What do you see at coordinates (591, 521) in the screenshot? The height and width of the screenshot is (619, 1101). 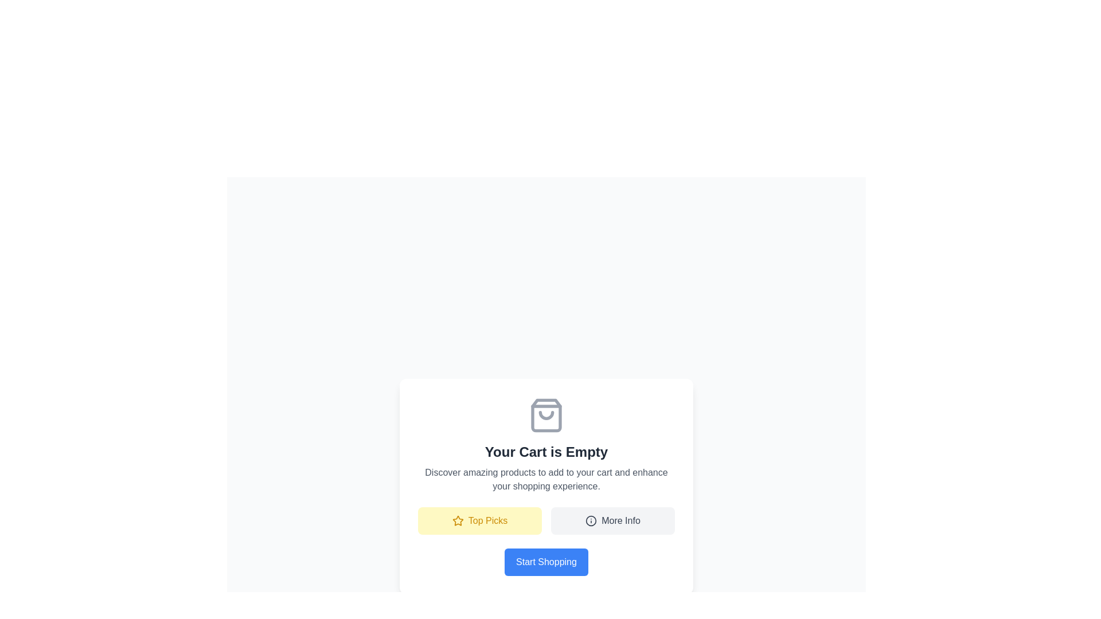 I see `the circular graphic within the information icon located to the right of the 'Your Cart is Empty' message` at bounding box center [591, 521].